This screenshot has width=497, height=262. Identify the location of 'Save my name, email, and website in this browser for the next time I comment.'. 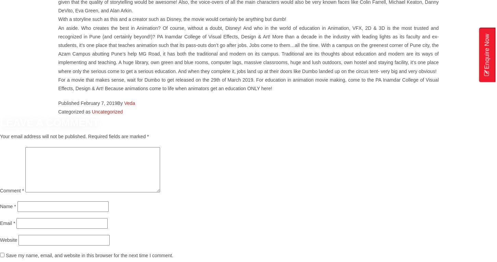
(89, 255).